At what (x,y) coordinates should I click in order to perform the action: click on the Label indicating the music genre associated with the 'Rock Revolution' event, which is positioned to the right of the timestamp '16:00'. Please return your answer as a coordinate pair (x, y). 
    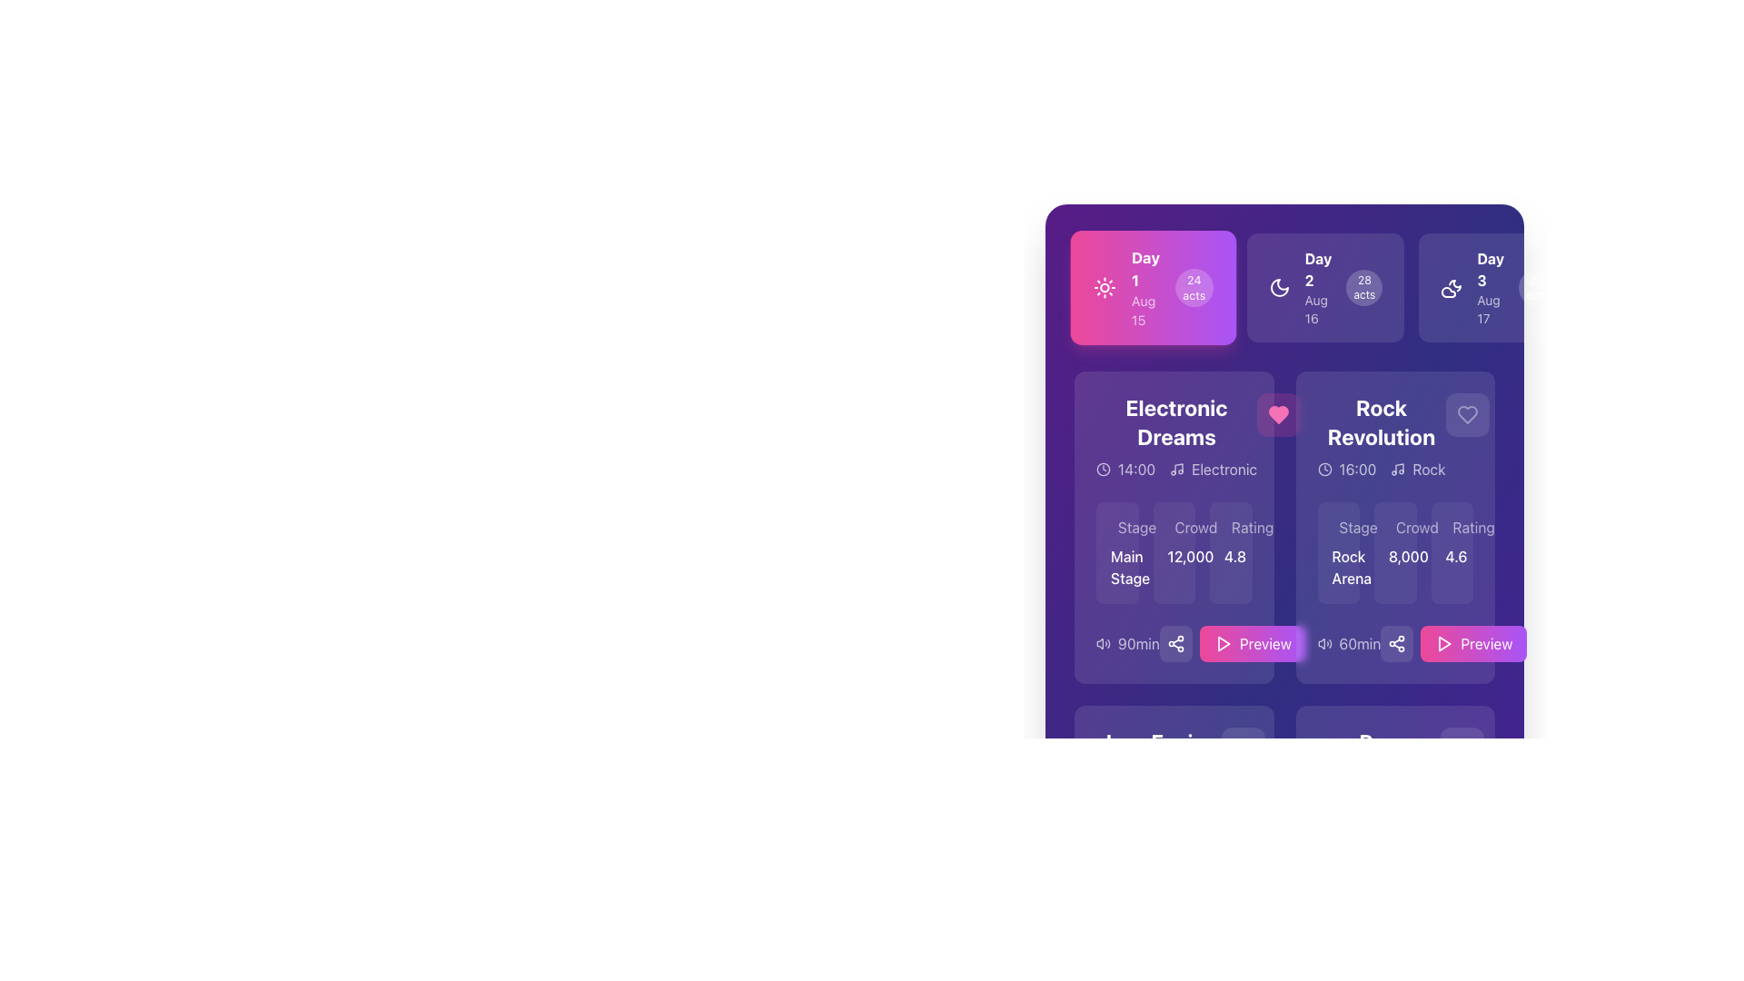
    Looking at the image, I should click on (1417, 468).